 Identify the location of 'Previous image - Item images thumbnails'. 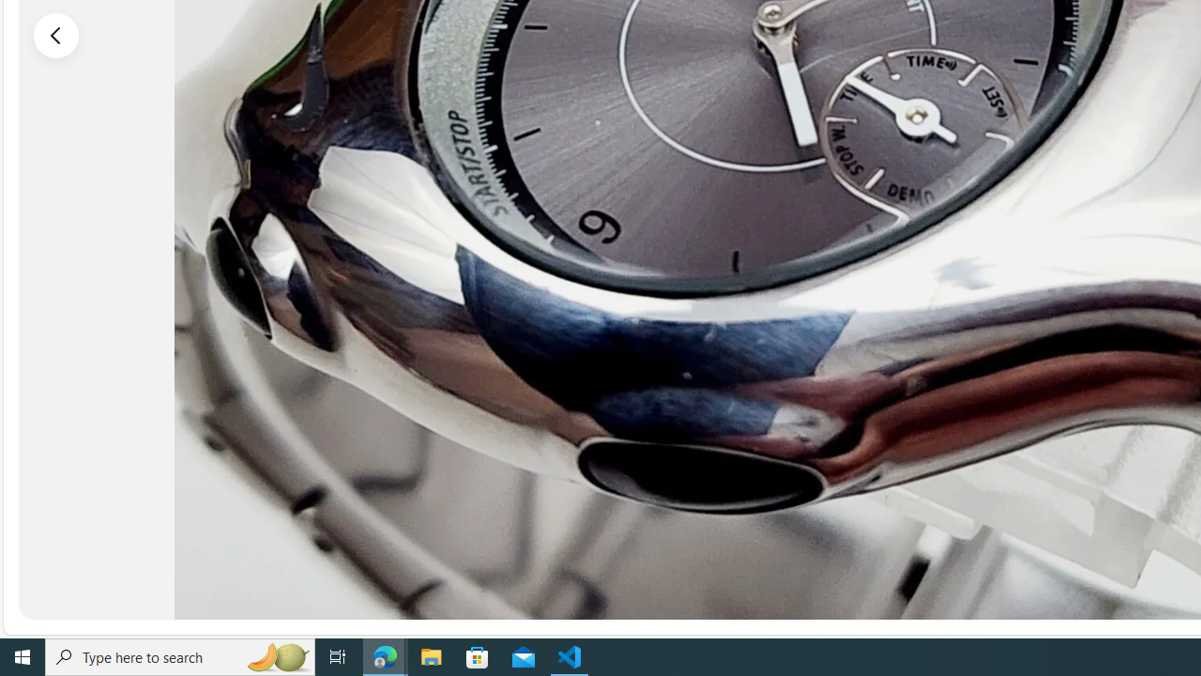
(56, 35).